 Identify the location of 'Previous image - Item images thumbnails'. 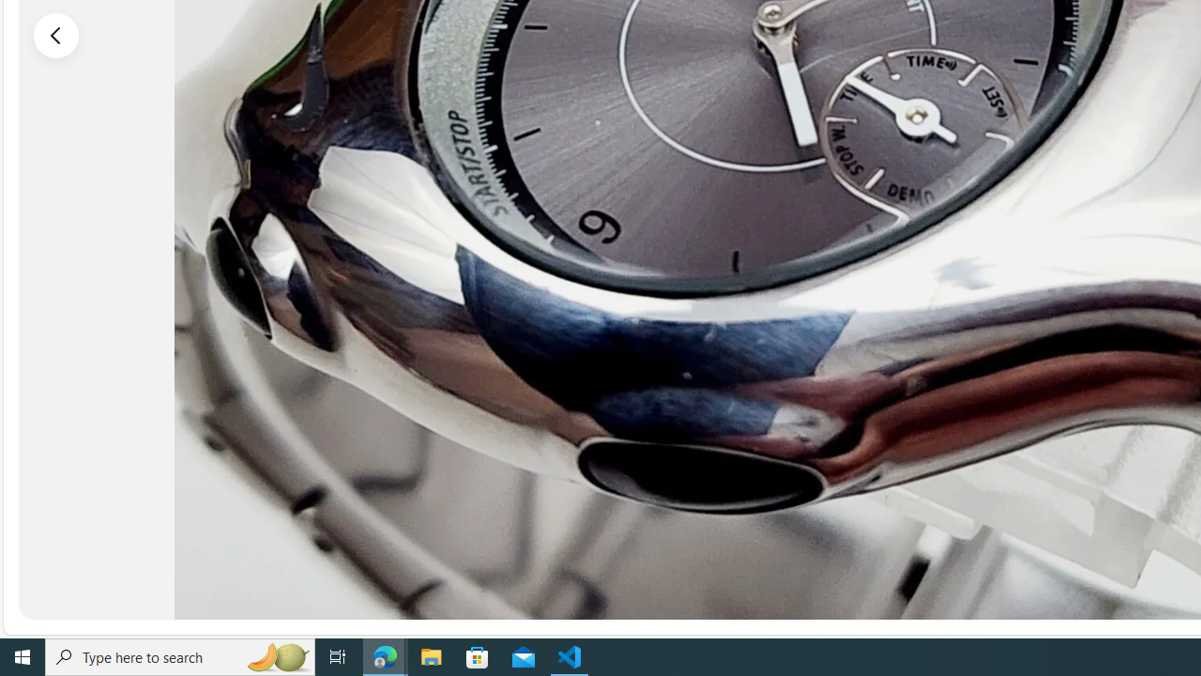
(56, 35).